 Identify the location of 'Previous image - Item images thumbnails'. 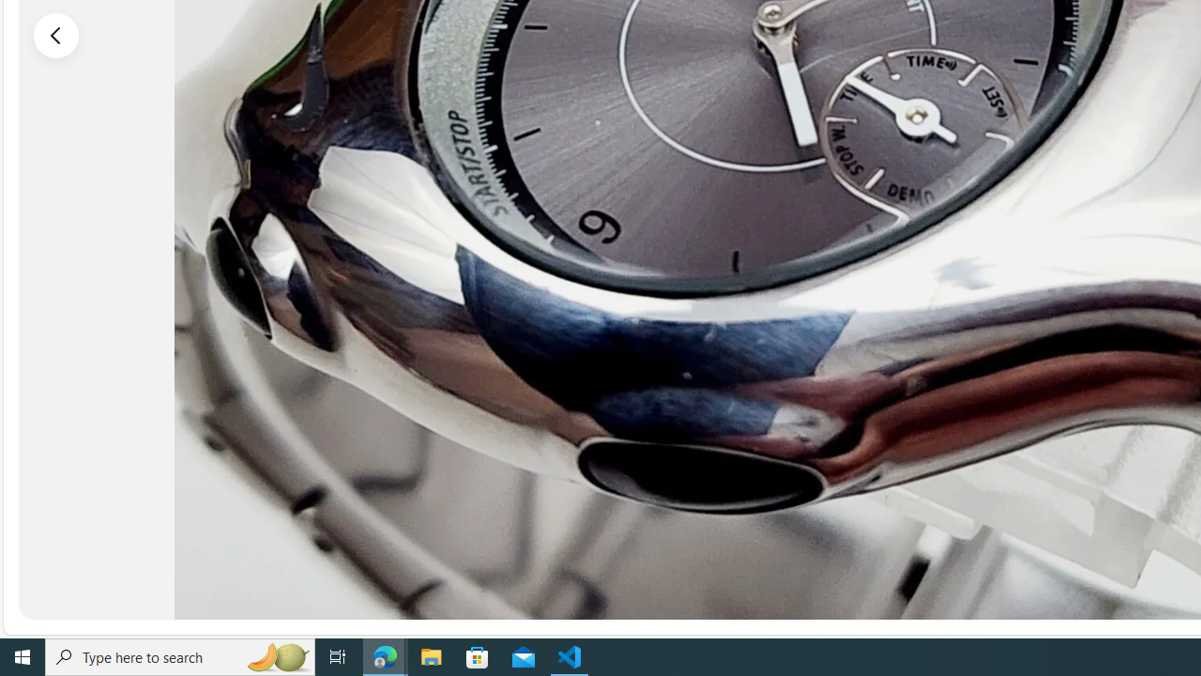
(56, 35).